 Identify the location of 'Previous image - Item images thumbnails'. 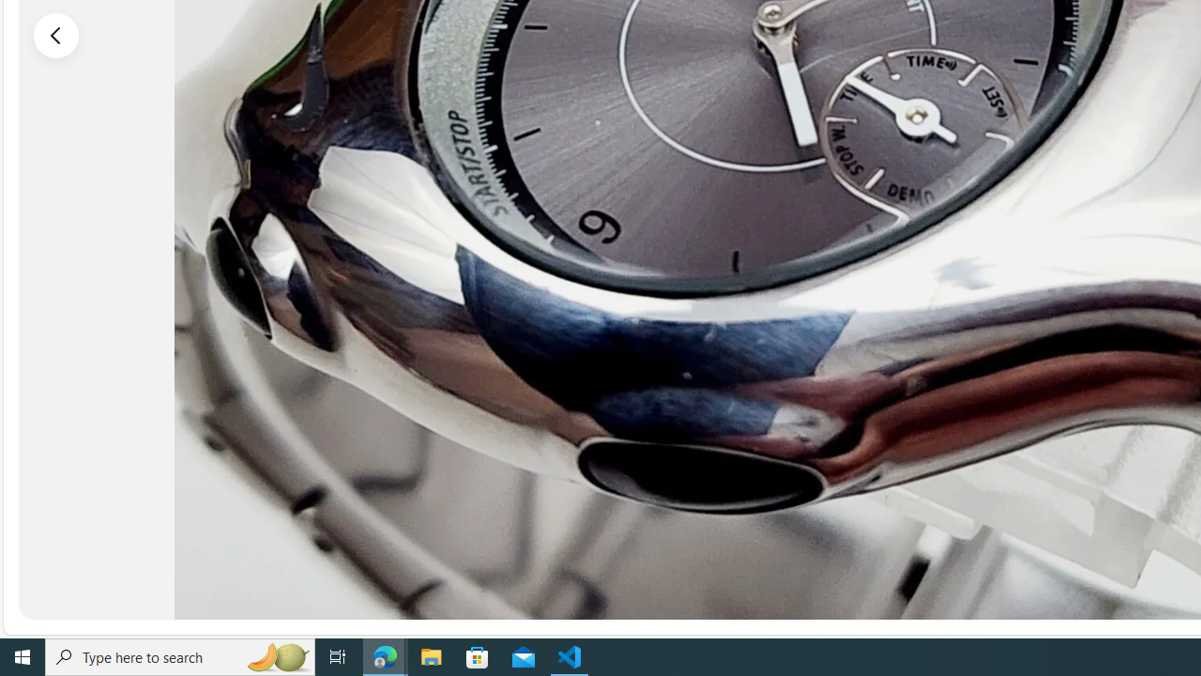
(56, 35).